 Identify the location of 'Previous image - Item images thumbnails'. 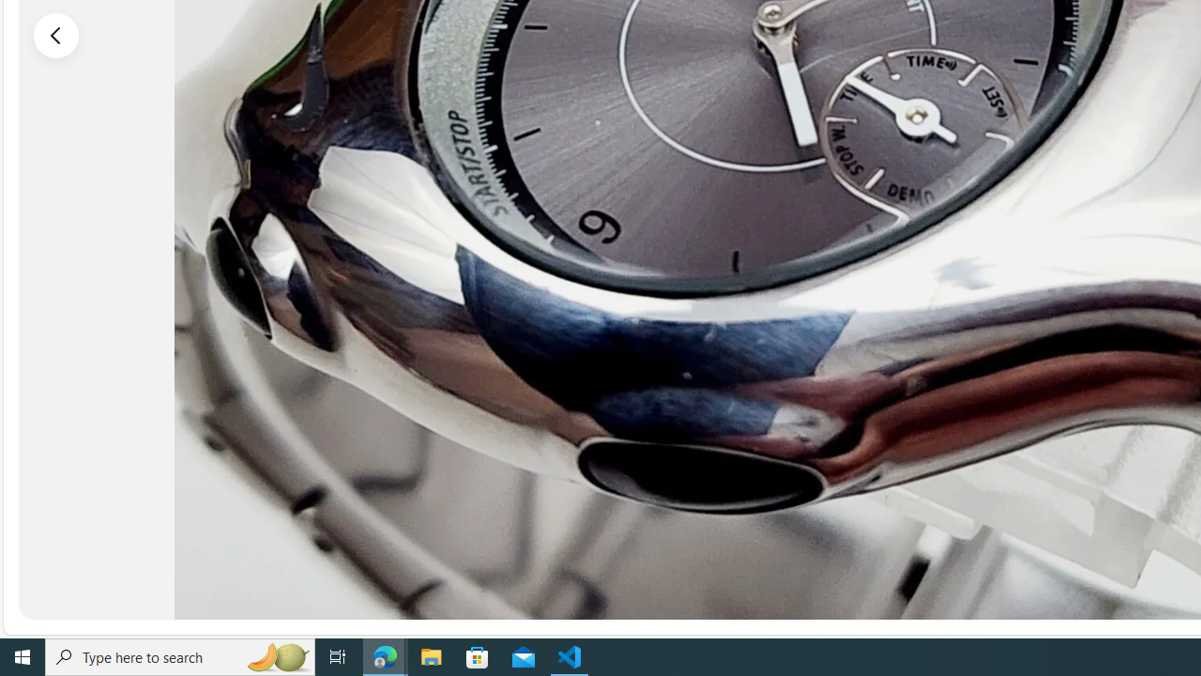
(56, 35).